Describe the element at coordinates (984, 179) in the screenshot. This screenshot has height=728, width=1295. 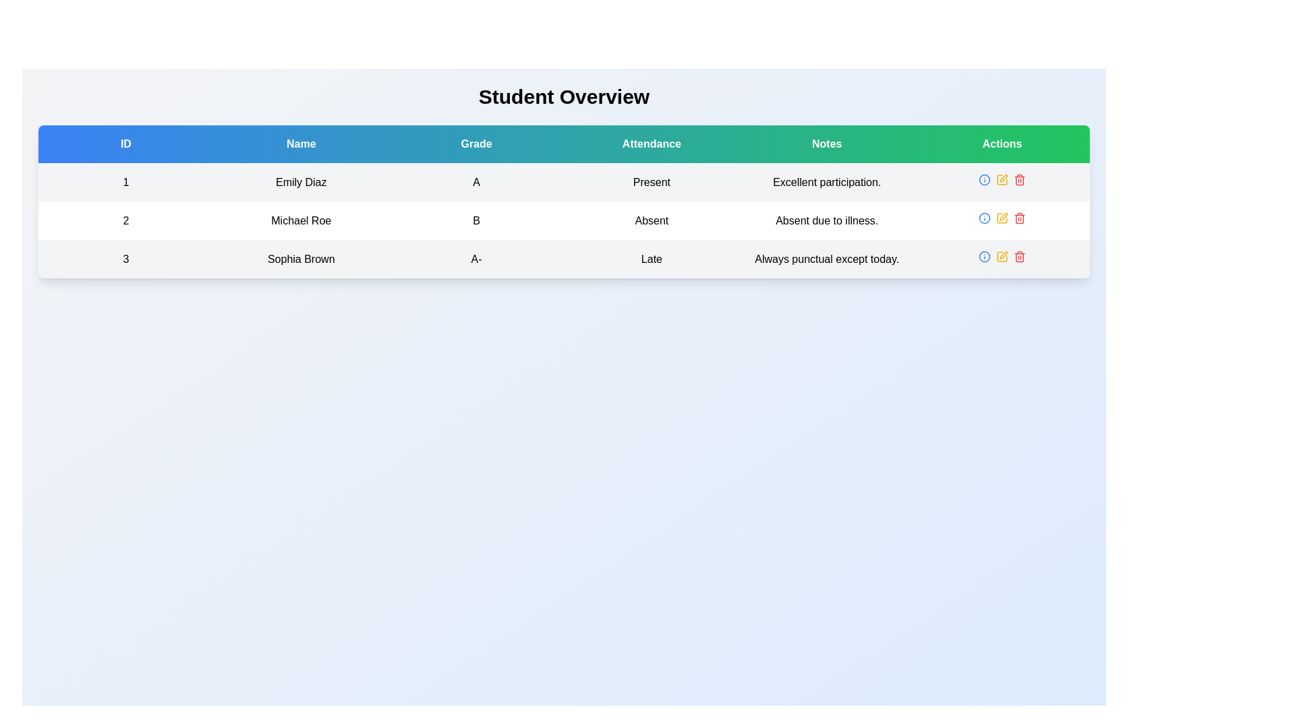
I see `the circular SVG graphic element representing an icon in the 'Actions' column of the second row of the table` at that location.